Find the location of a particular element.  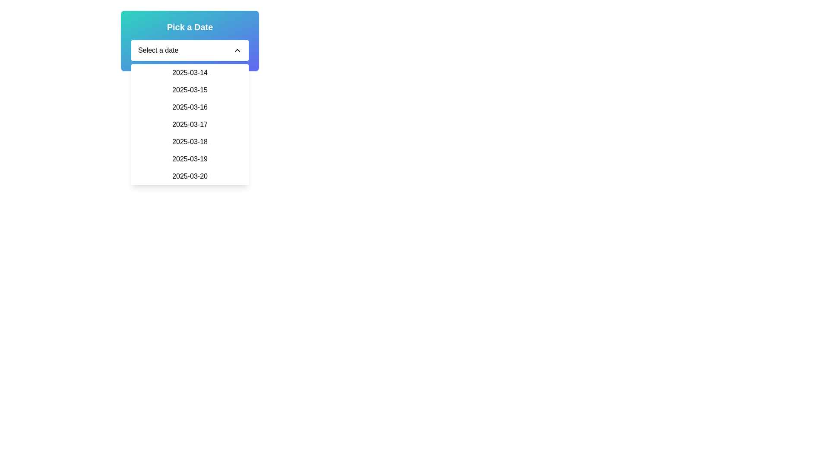

the dropdown menu labeled 'Select a date' is located at coordinates (190, 50).